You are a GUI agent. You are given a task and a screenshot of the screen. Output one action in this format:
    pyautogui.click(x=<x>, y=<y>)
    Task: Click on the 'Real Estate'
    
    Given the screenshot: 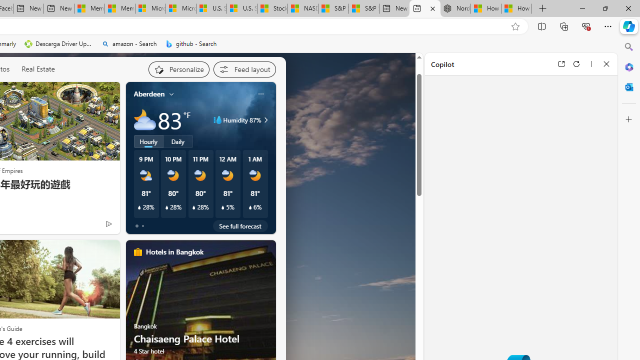 What is the action you would take?
    pyautogui.click(x=38, y=68)
    